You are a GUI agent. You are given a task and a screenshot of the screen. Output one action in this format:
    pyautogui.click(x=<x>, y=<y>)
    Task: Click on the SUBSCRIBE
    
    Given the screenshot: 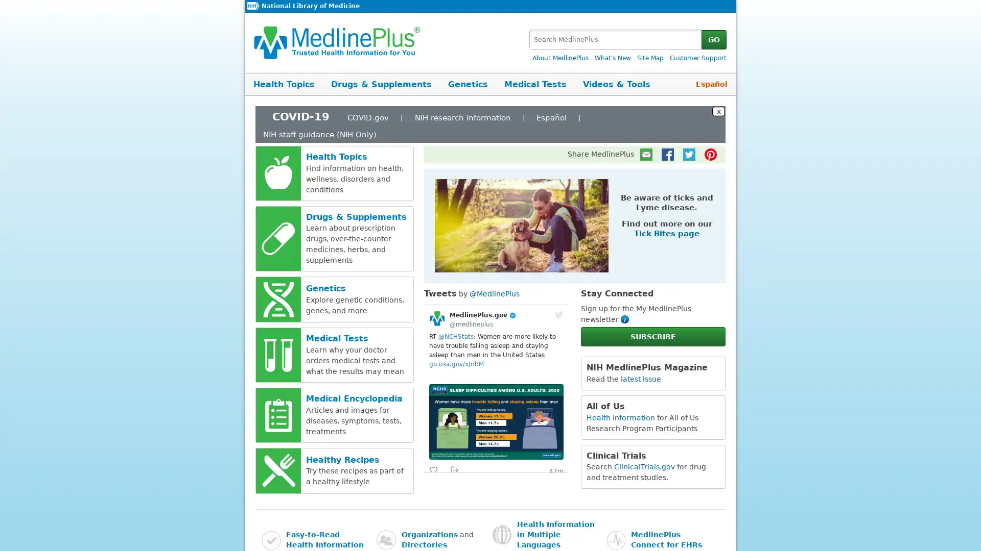 What is the action you would take?
    pyautogui.click(x=652, y=336)
    